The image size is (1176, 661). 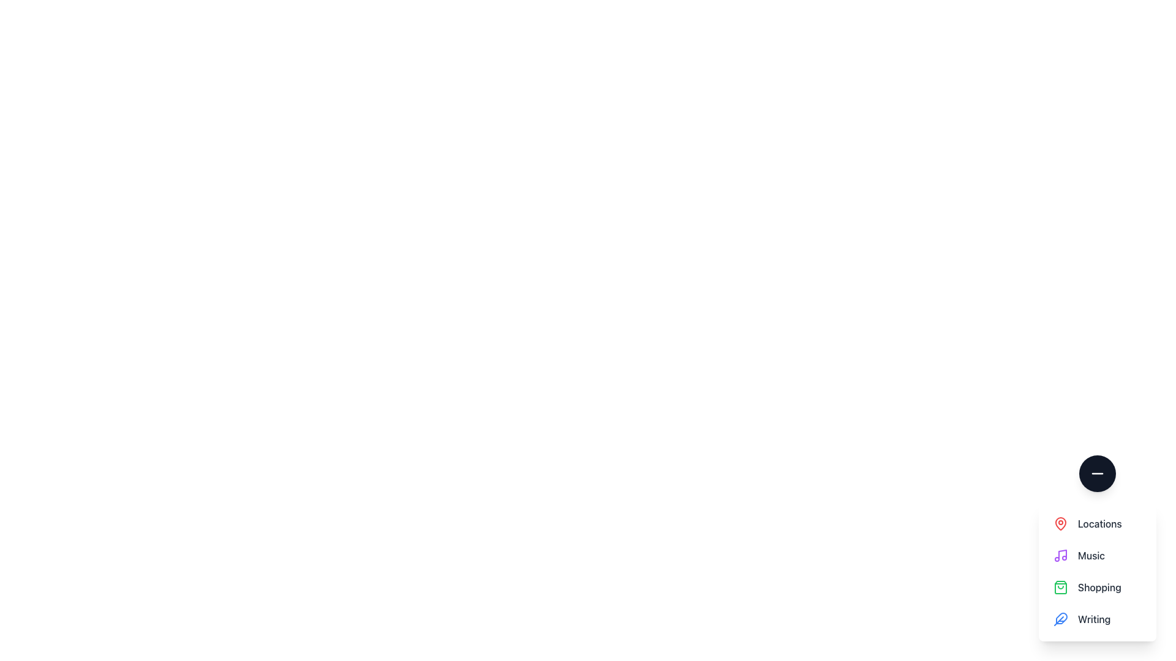 I want to click on the 'Music' text label element, which is styled in gray with medium font weight and is the second item in a vertical menu, positioned below 'Locations' and above 'Shopping', so click(x=1091, y=555).